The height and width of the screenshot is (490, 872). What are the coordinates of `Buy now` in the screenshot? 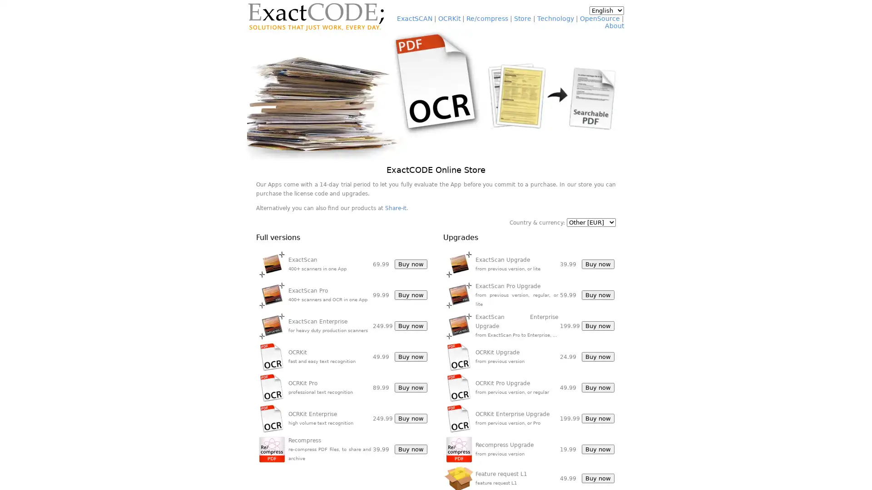 It's located at (597, 356).